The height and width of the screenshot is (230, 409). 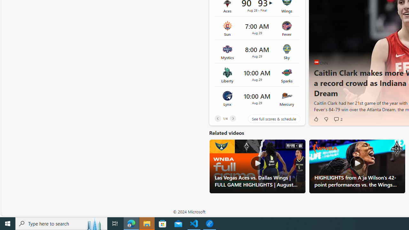 What do you see at coordinates (337, 119) in the screenshot?
I see `'View comments 2 Comment'` at bounding box center [337, 119].